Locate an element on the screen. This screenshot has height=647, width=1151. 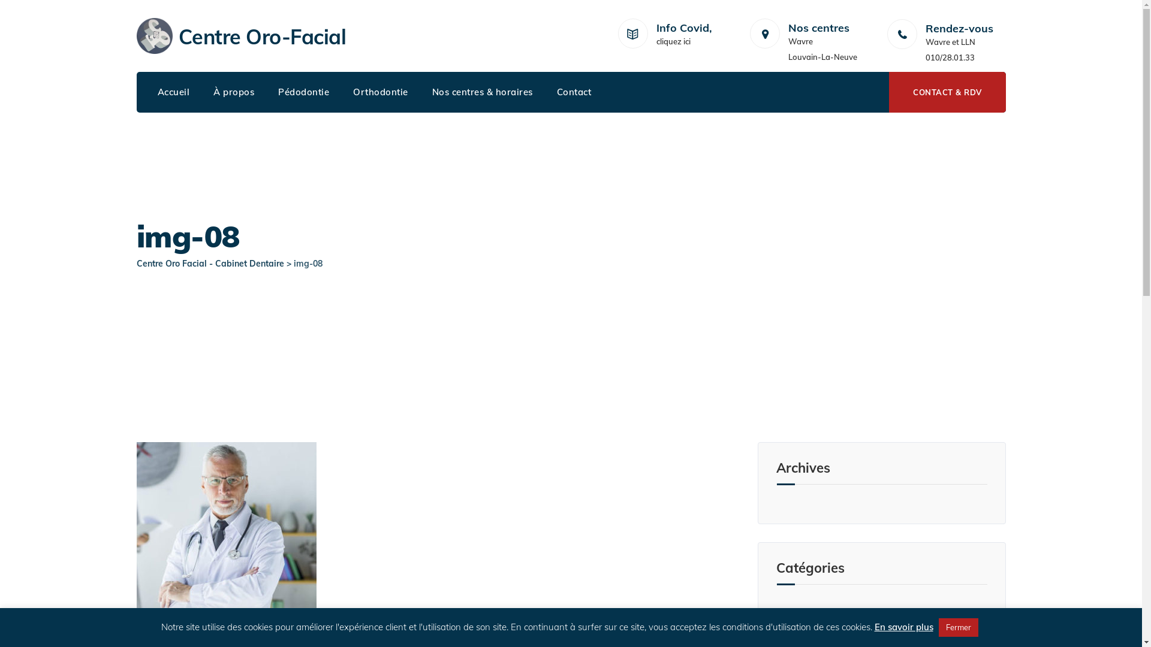
'Contact' is located at coordinates (573, 92).